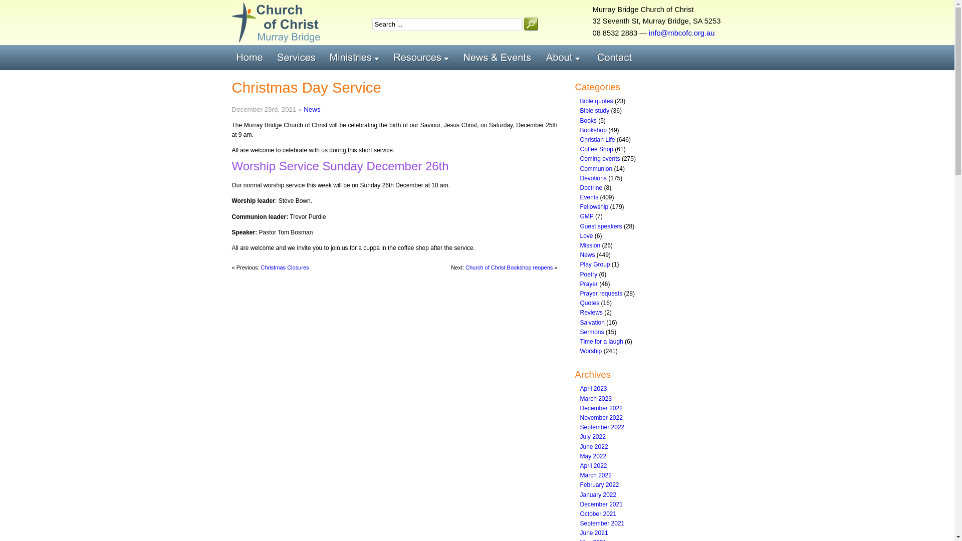  Describe the element at coordinates (580, 254) in the screenshot. I see `'News'` at that location.